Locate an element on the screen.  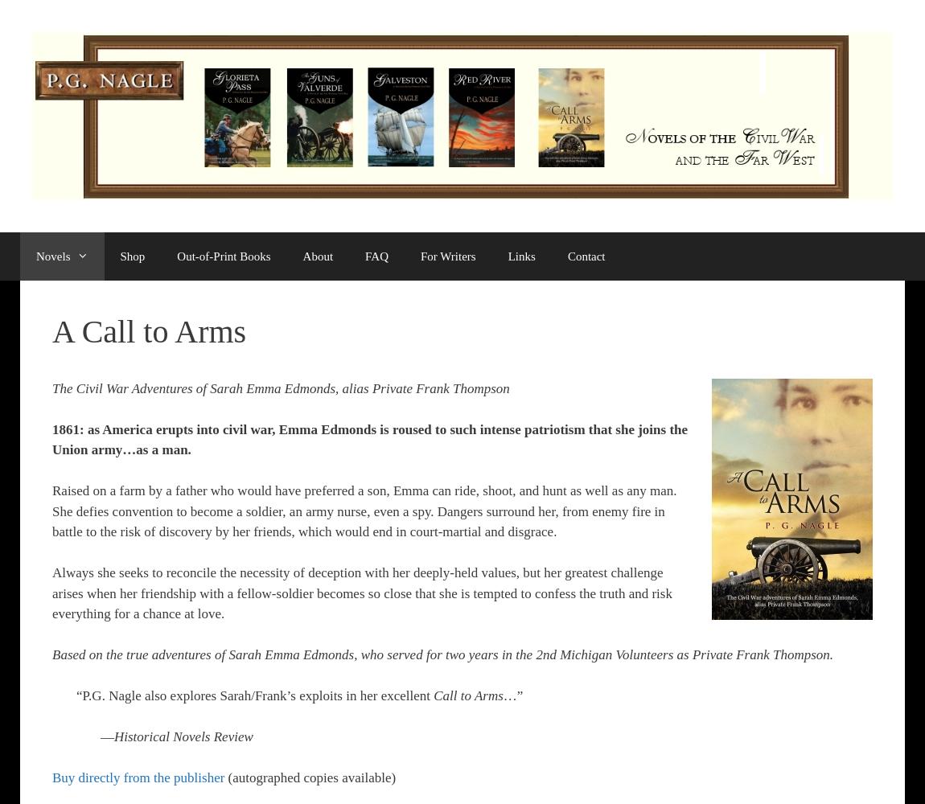
'“P.G. Nagle also explores Sarah/Frank’s exploits in her excellent' is located at coordinates (255, 695).